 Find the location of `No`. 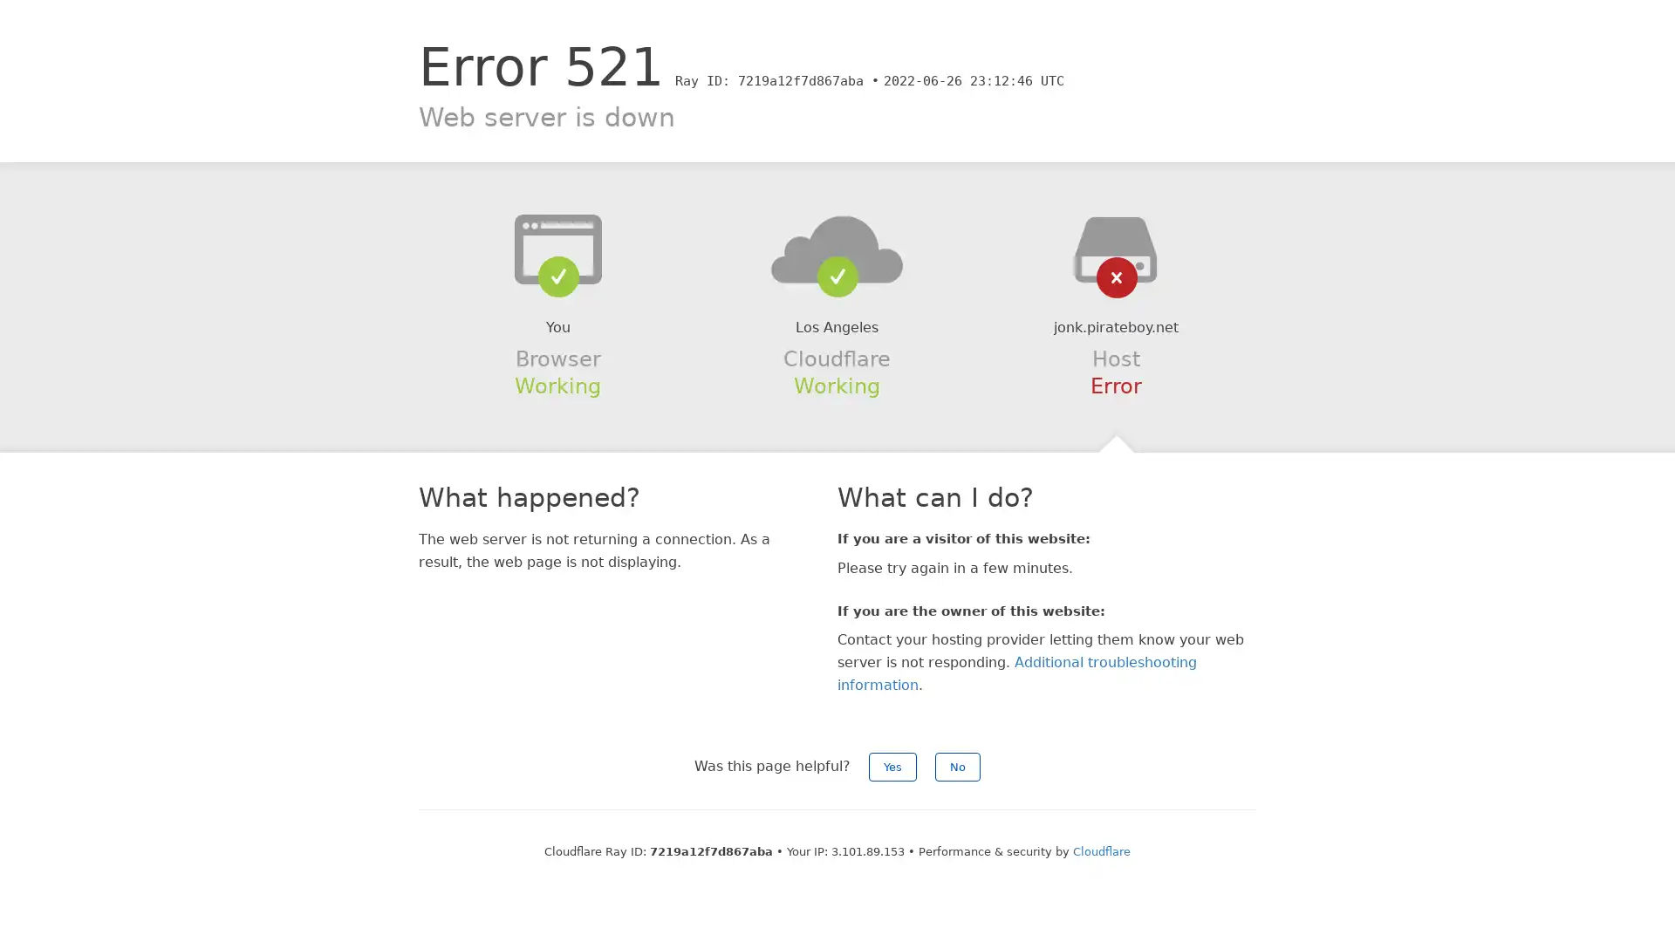

No is located at coordinates (957, 766).